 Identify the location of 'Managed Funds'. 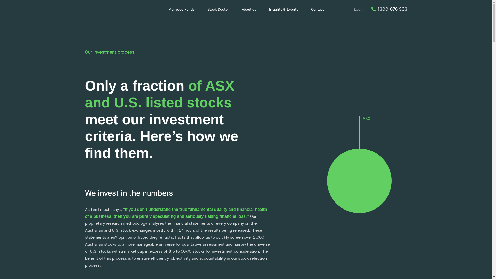
(181, 10).